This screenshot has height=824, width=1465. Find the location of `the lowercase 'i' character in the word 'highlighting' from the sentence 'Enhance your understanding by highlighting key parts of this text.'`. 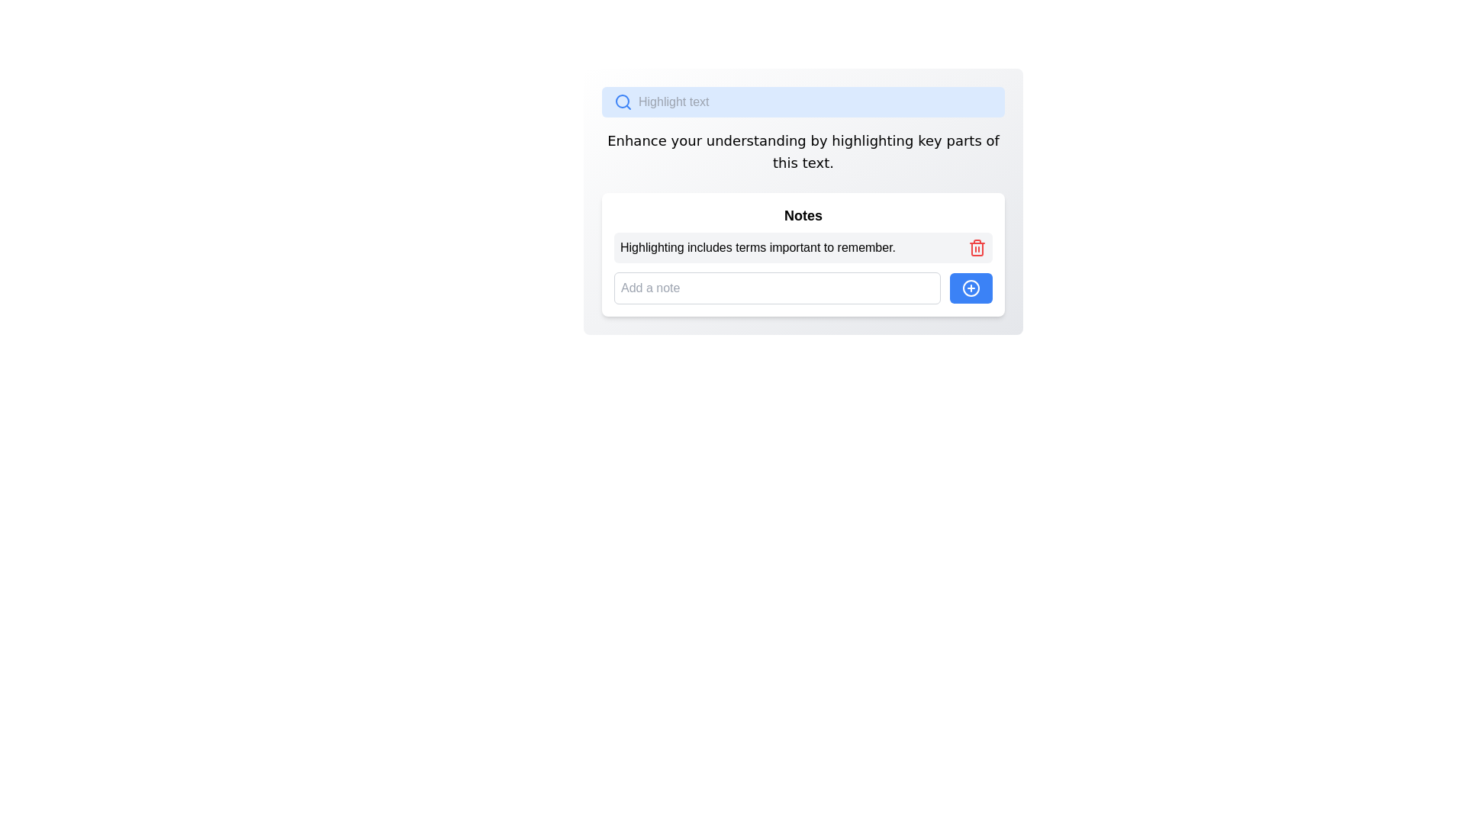

the lowercase 'i' character in the word 'highlighting' from the sentence 'Enhance your understanding by highlighting key parts of this text.' is located at coordinates (842, 140).